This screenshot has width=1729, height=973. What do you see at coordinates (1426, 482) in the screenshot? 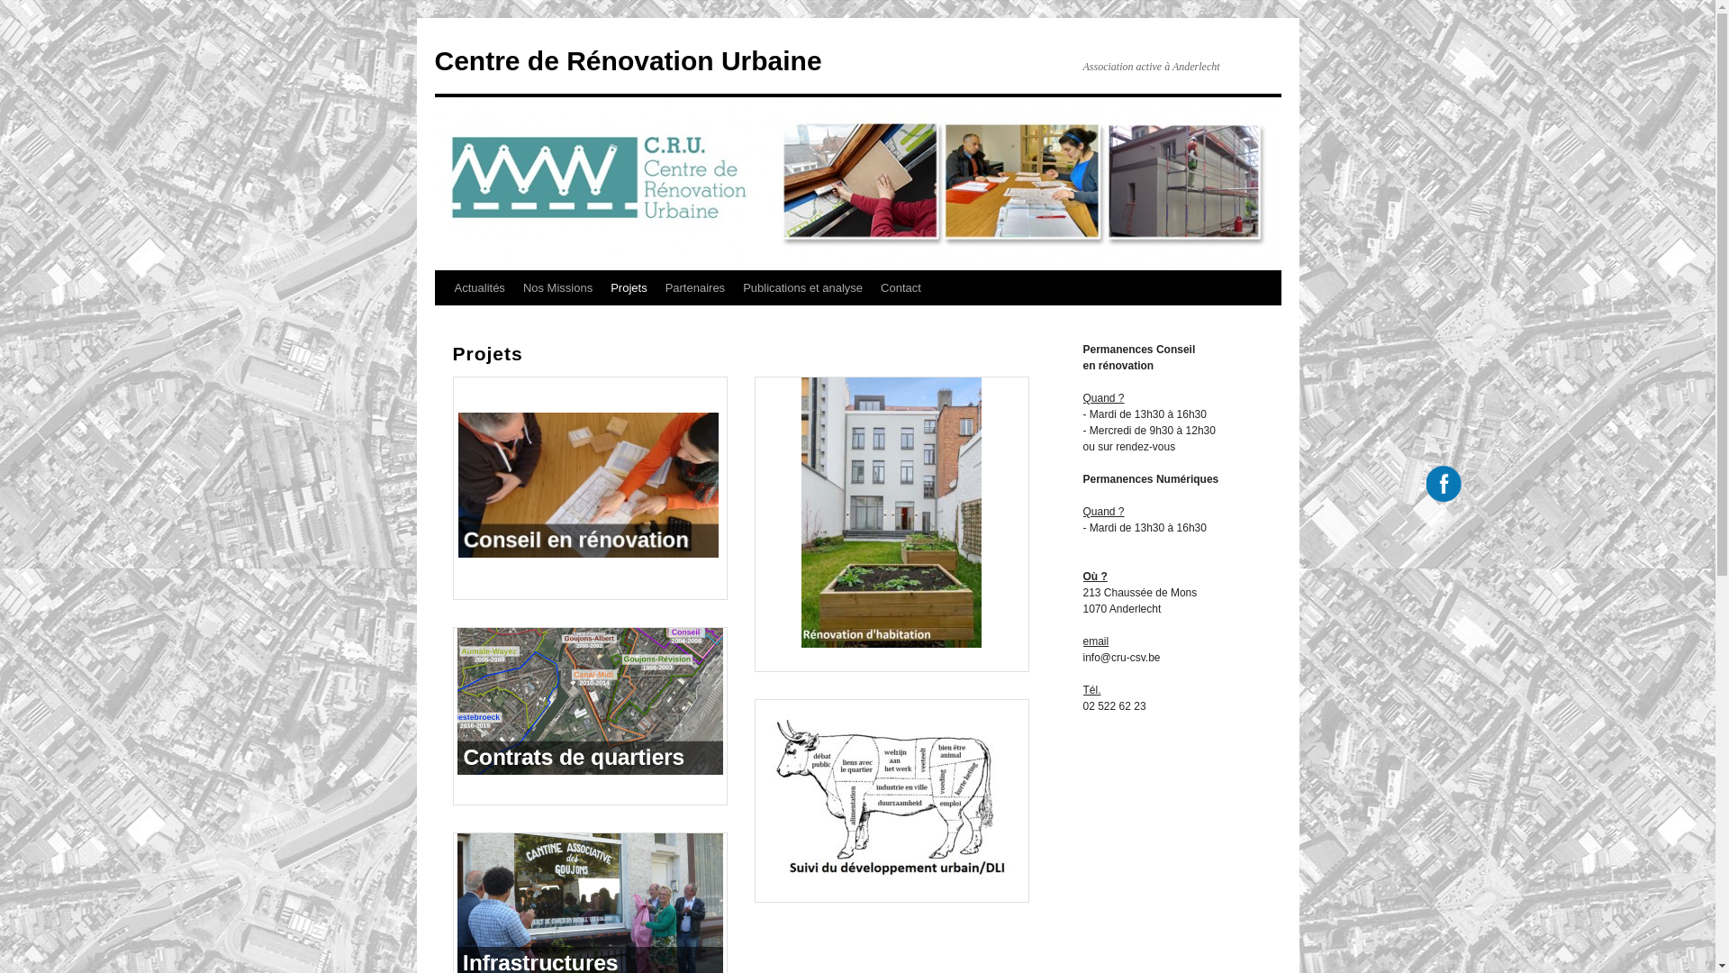
I see `'Facebook'` at bounding box center [1426, 482].